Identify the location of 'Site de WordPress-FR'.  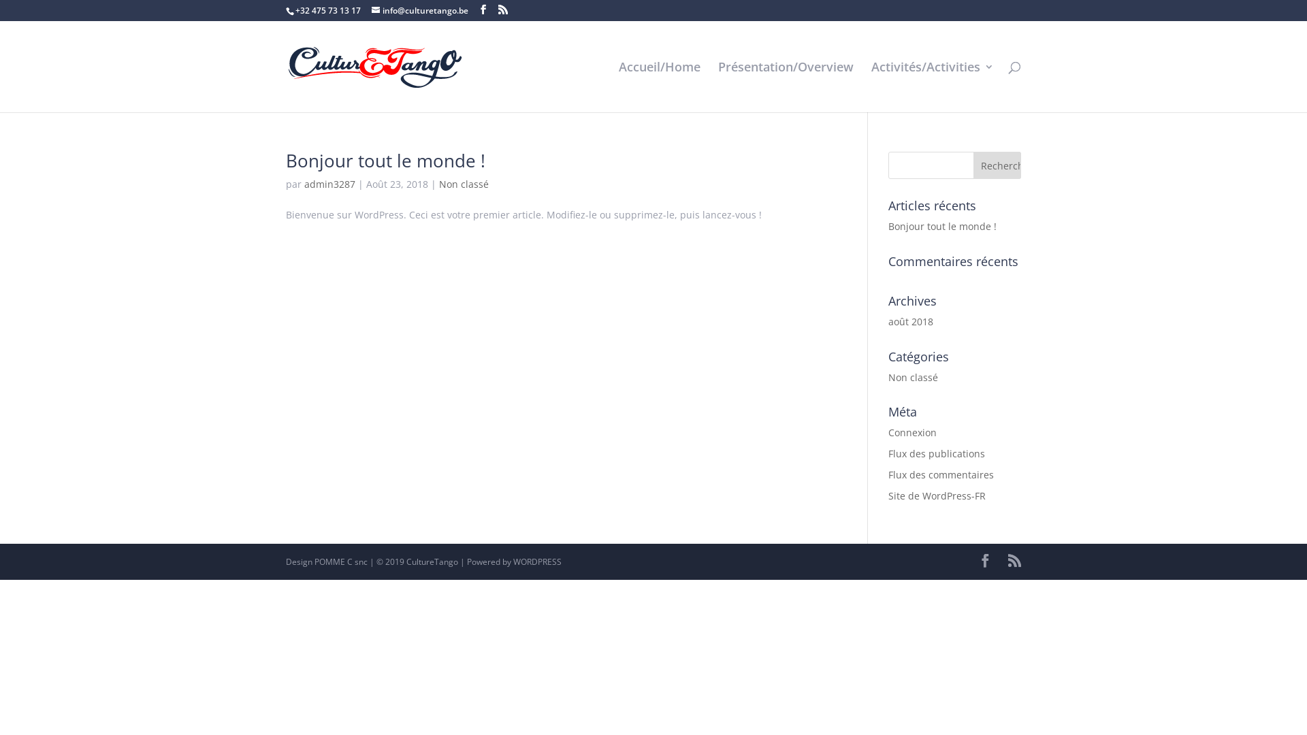
(888, 495).